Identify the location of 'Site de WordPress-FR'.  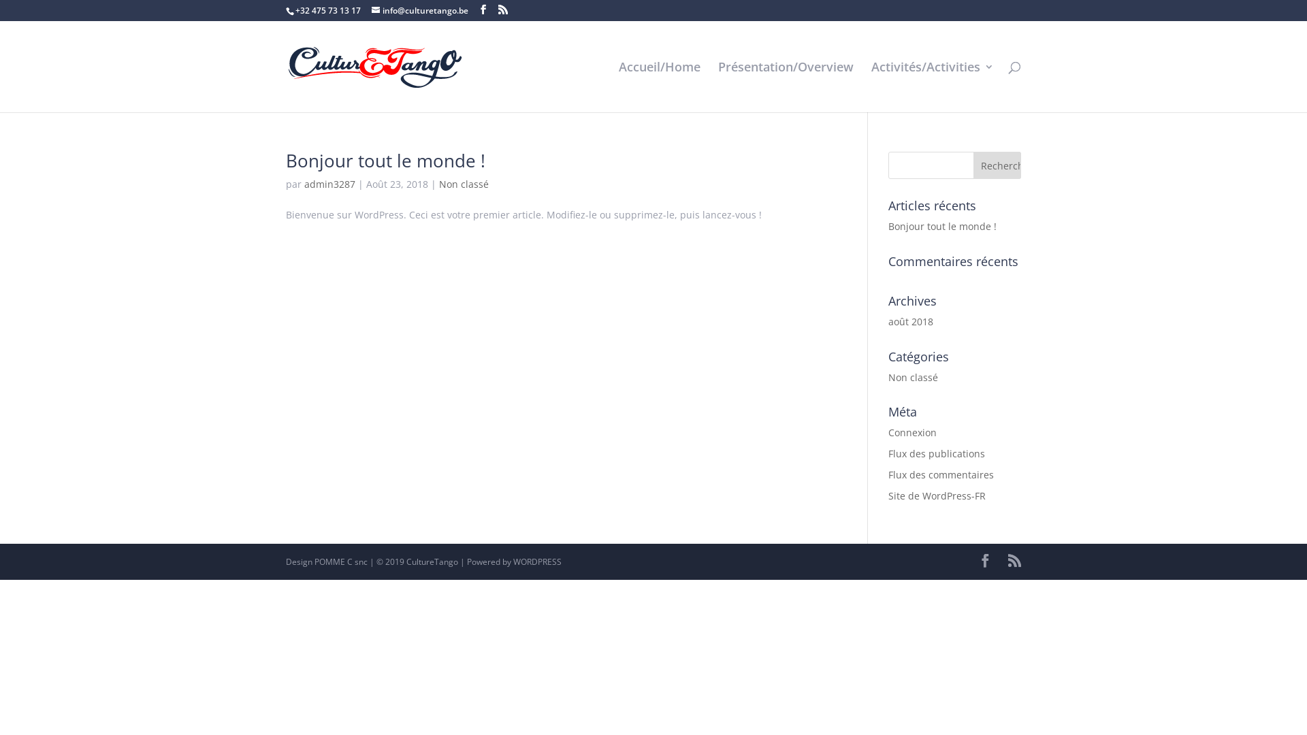
(888, 495).